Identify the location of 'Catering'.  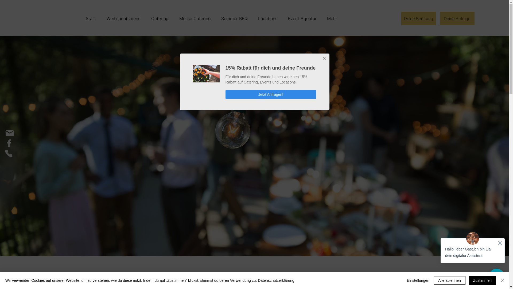
(160, 18).